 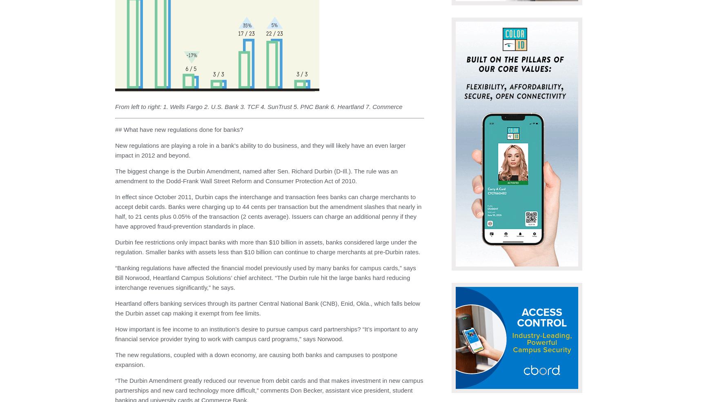 I want to click on 'From left to right: 1. Wells Fargo 2. U.S. Bank 3. TCF 4. SunTrust 5. PNC Bank 6. Heartland 7. Commerce', so click(x=258, y=106).